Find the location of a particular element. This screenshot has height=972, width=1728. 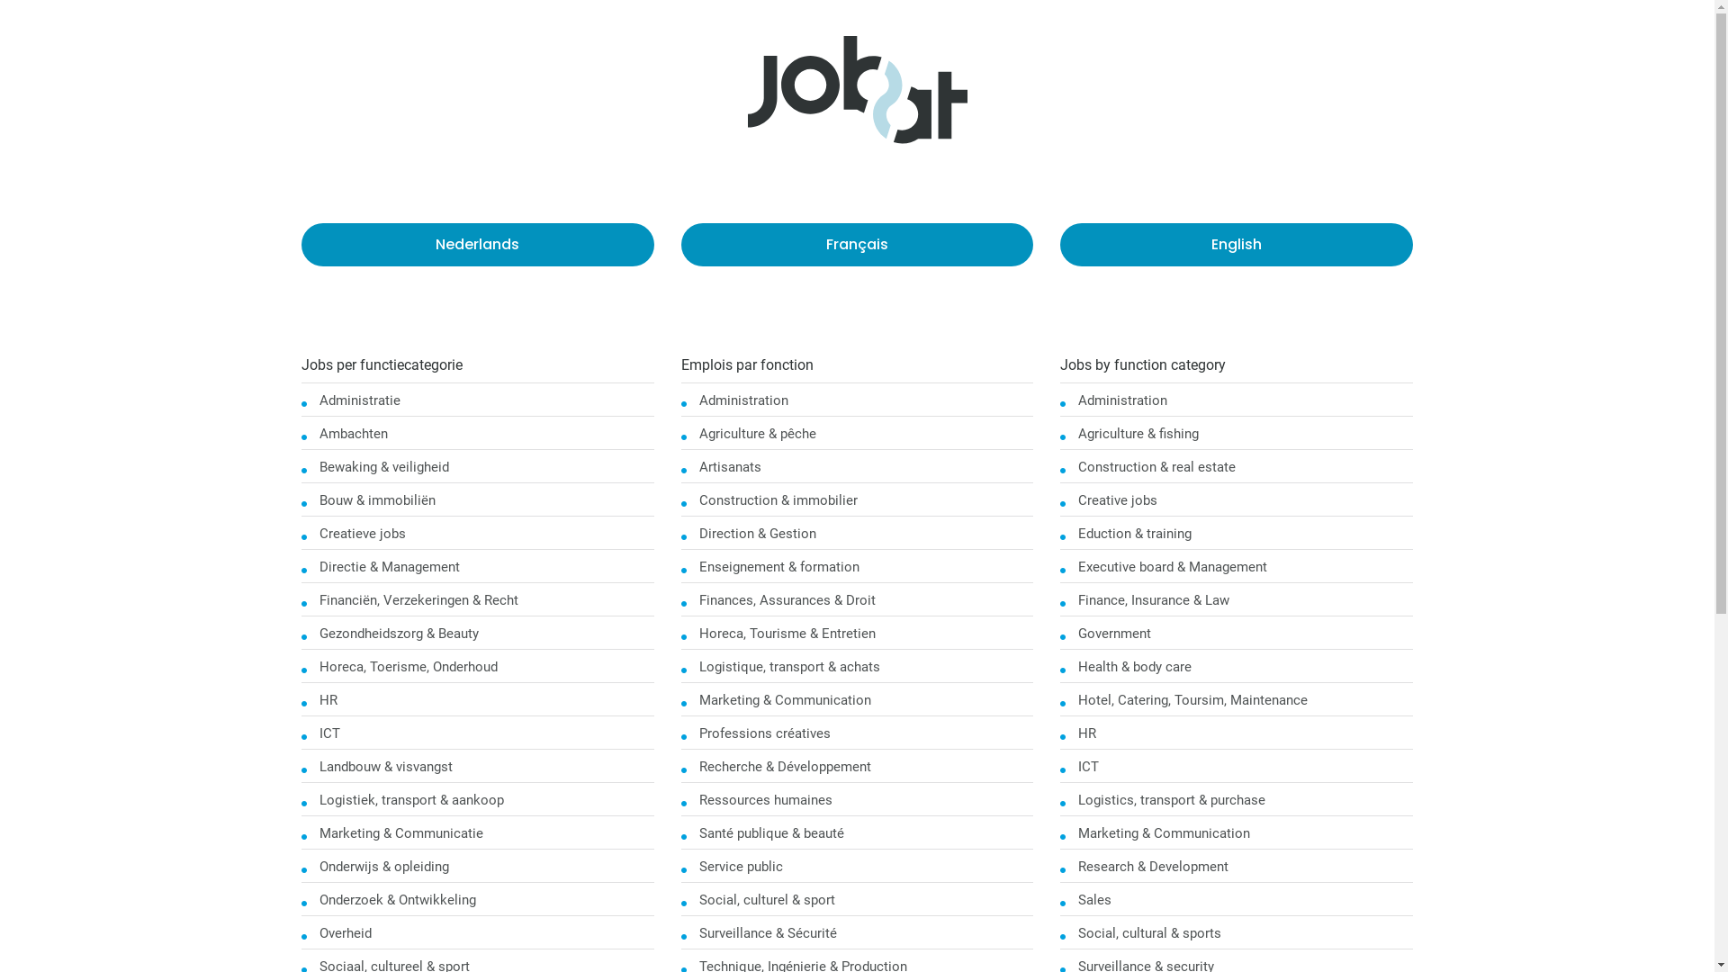

'Overheid' is located at coordinates (346, 932).